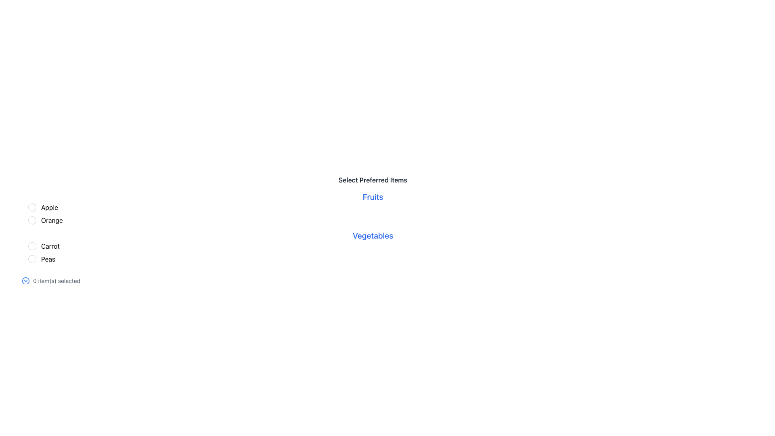  I want to click on the 'Vegetables' text label element, which is displayed in bold blue font and serves as a section heading for items like 'Carrot' and 'Peas', so click(373, 235).